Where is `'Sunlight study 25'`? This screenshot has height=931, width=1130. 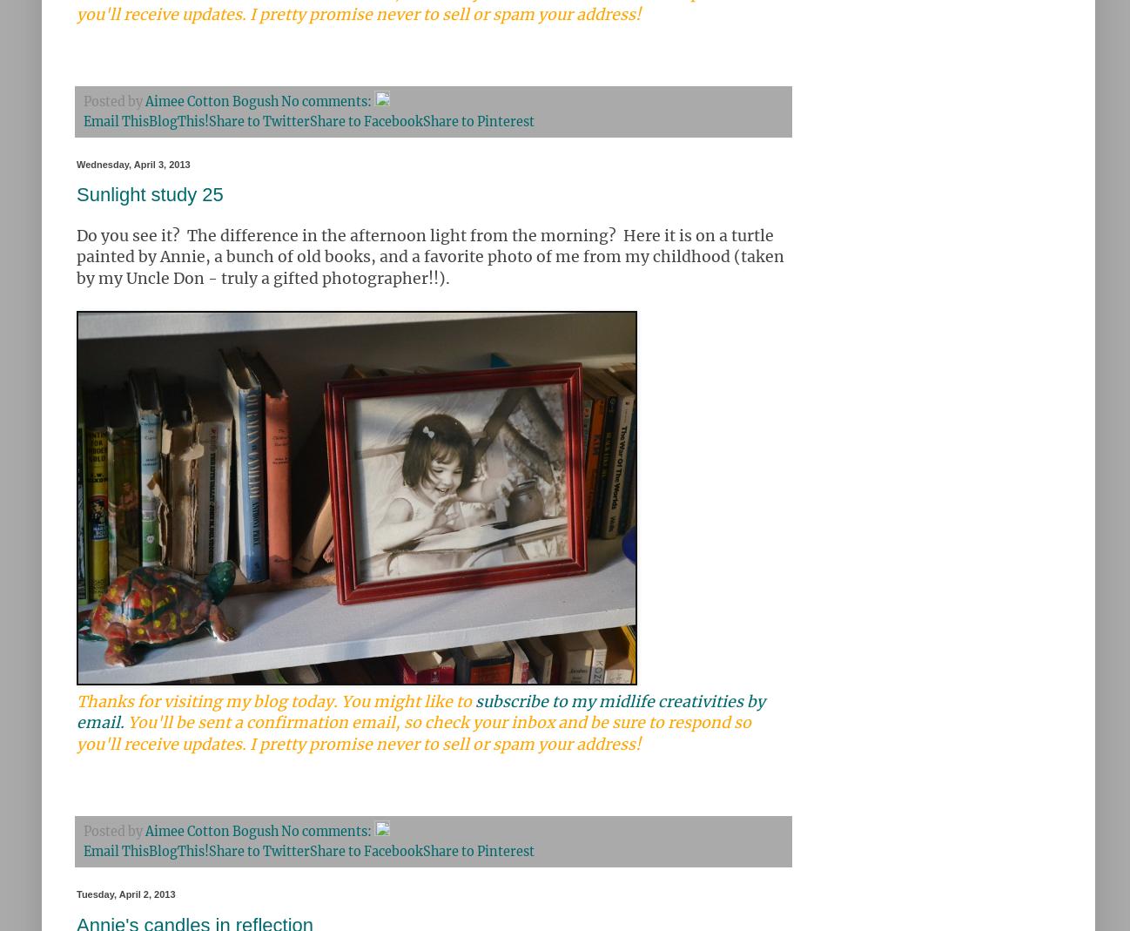 'Sunlight study 25' is located at coordinates (148, 193).